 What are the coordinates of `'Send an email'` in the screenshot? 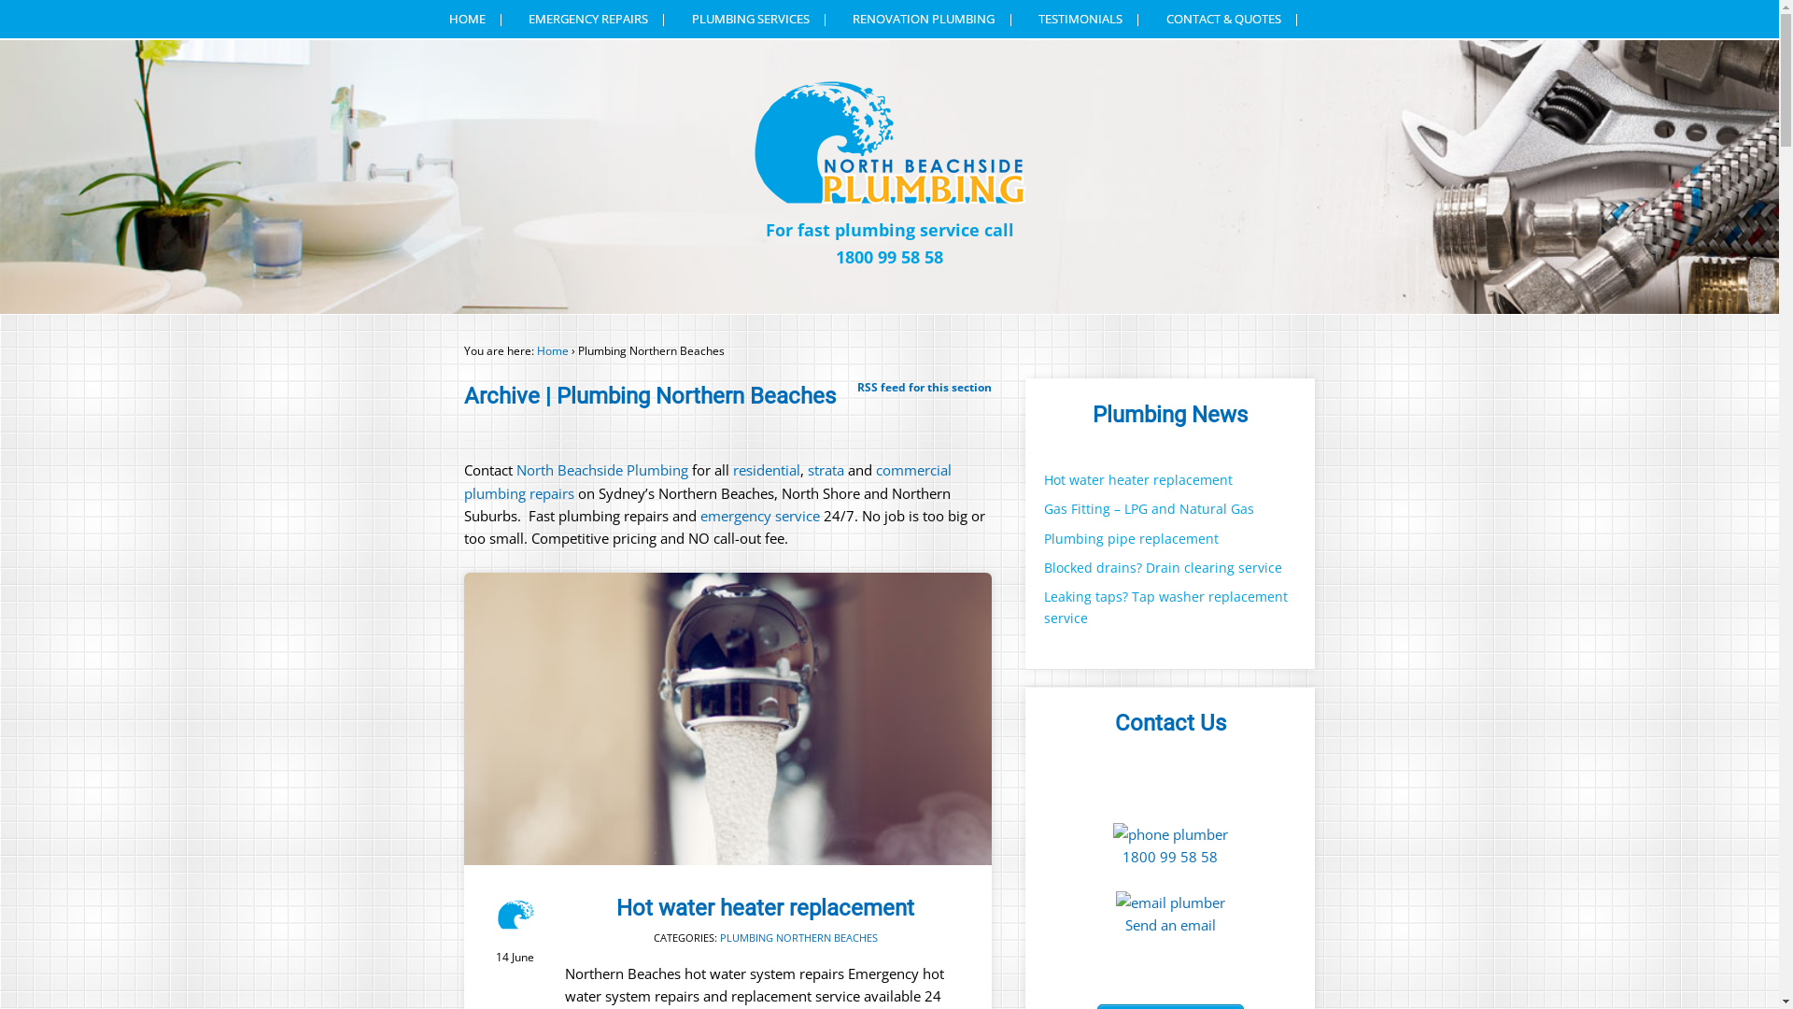 It's located at (1169, 925).